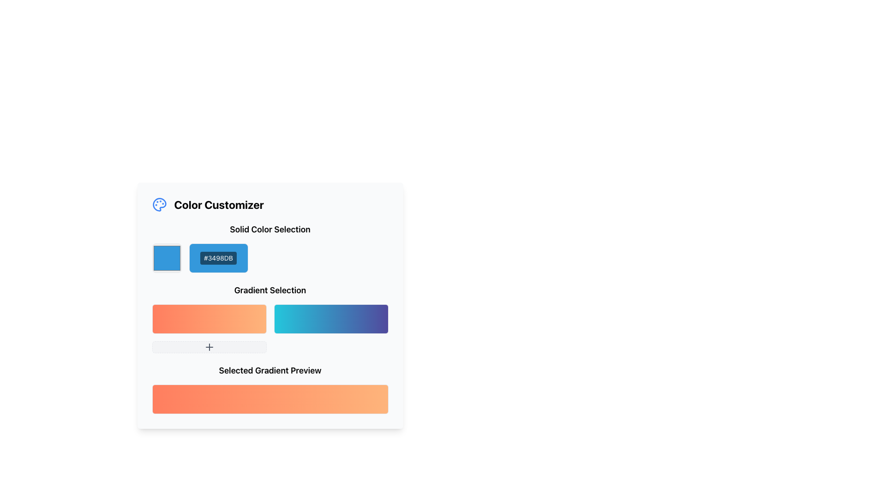  What do you see at coordinates (269, 370) in the screenshot?
I see `the static text element displaying 'Selected Gradient Preview', which is centrally aligned under the gradient section of the interface` at bounding box center [269, 370].